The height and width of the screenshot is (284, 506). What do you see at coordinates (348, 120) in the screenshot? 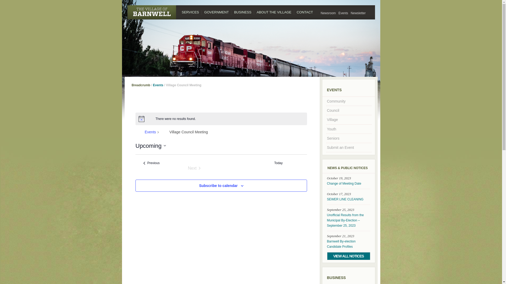
I see `'Village'` at bounding box center [348, 120].